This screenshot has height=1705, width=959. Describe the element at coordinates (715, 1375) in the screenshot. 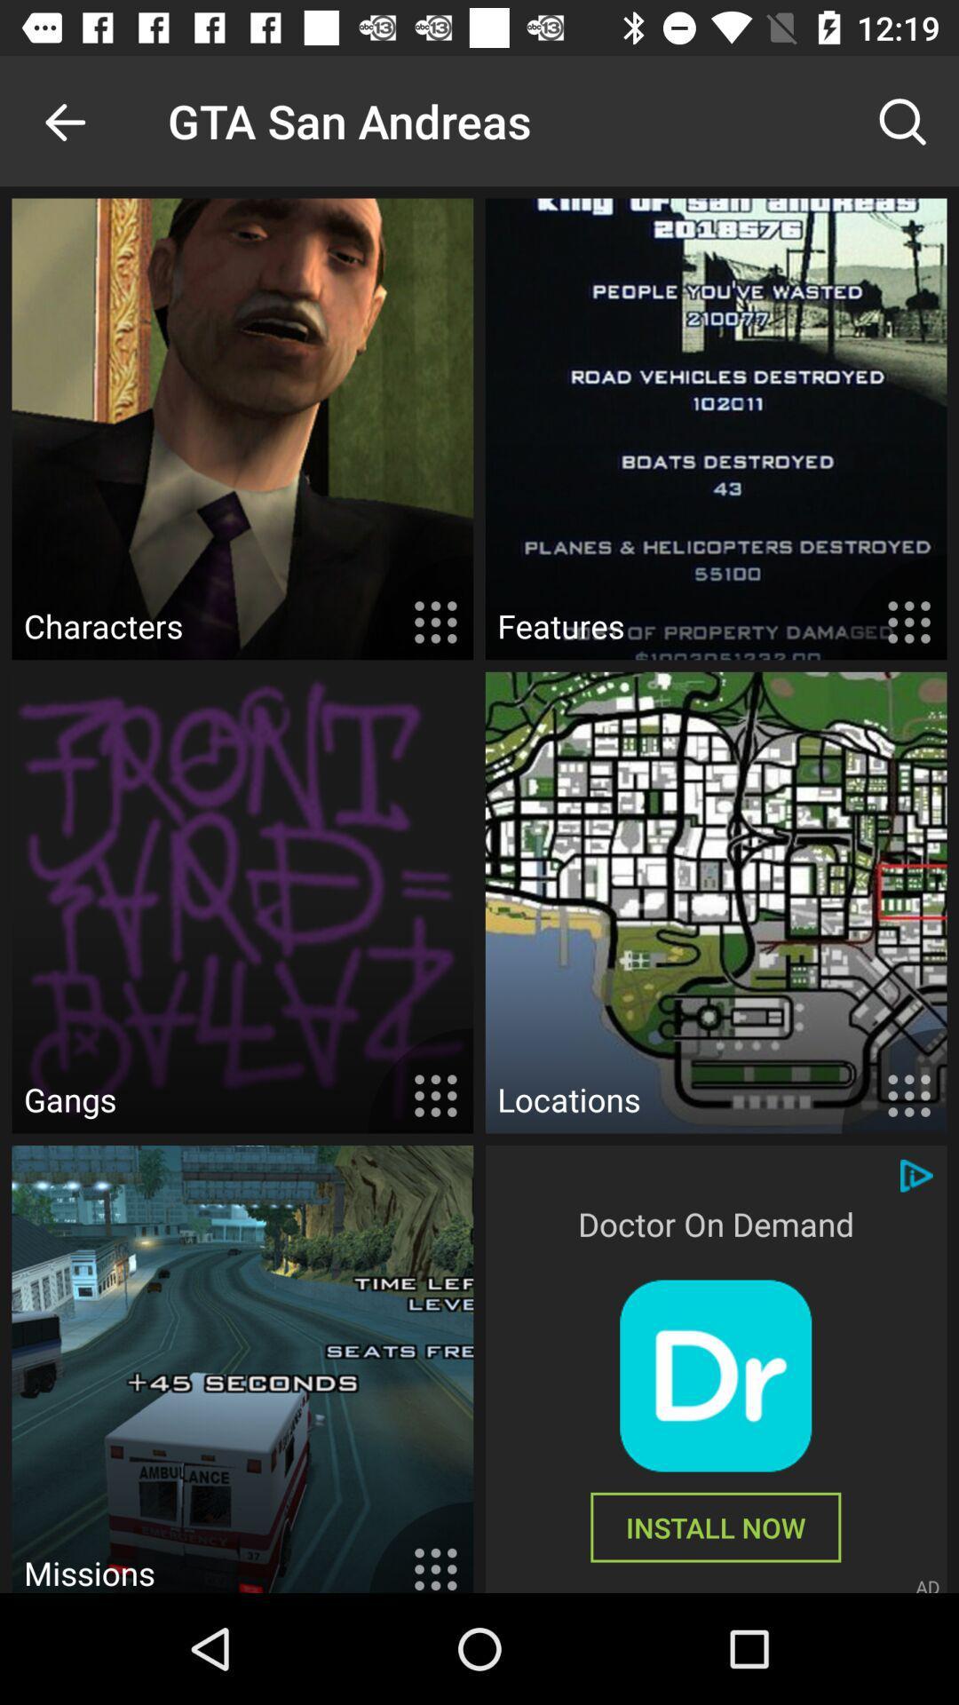

I see `install doctor on demand` at that location.